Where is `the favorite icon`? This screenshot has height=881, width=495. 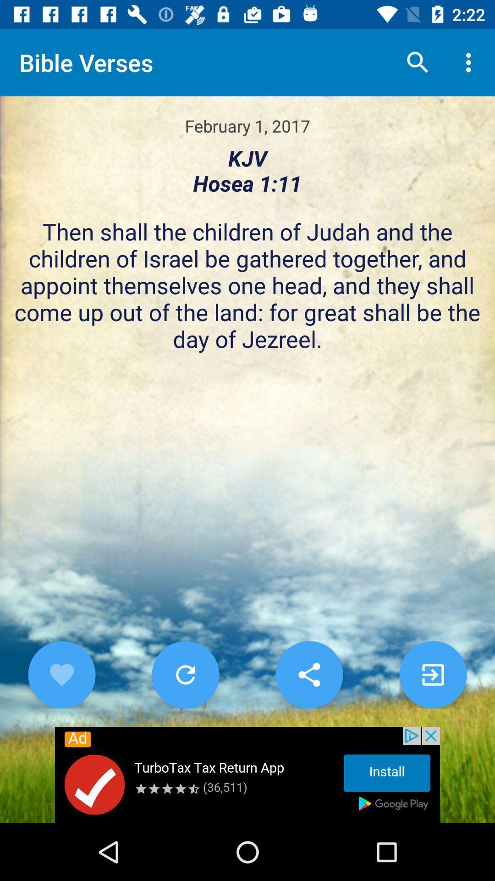 the favorite icon is located at coordinates (62, 675).